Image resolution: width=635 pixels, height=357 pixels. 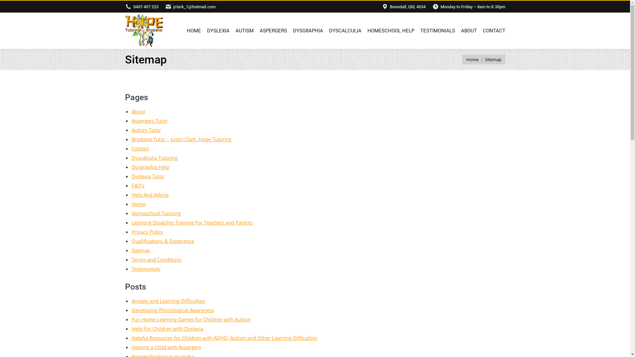 I want to click on 'Help For Children with Dyslexia', so click(x=167, y=329).